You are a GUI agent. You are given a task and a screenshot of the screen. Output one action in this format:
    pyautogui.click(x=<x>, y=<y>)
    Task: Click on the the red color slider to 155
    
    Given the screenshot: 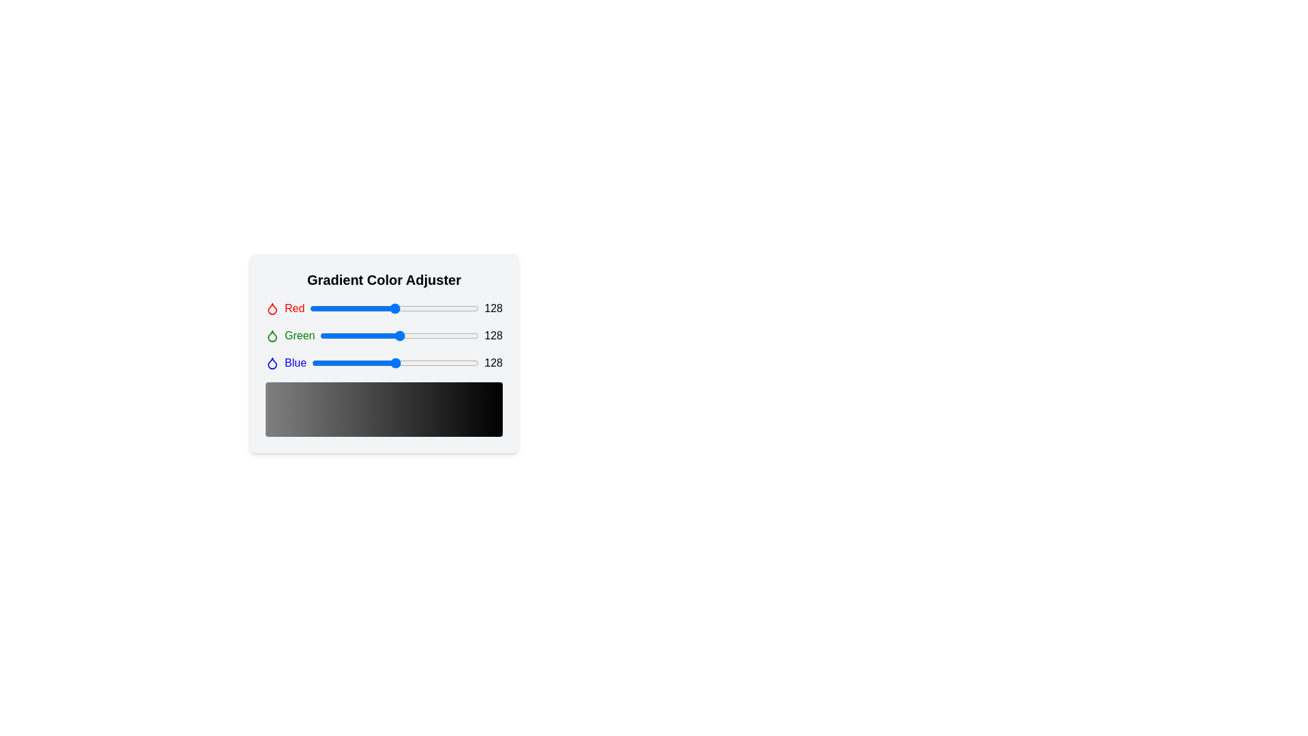 What is the action you would take?
    pyautogui.click(x=412, y=308)
    